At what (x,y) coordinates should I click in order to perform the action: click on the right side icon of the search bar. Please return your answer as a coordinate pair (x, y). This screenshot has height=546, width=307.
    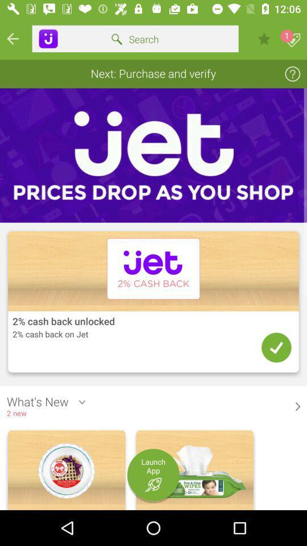
    Looking at the image, I should click on (264, 39).